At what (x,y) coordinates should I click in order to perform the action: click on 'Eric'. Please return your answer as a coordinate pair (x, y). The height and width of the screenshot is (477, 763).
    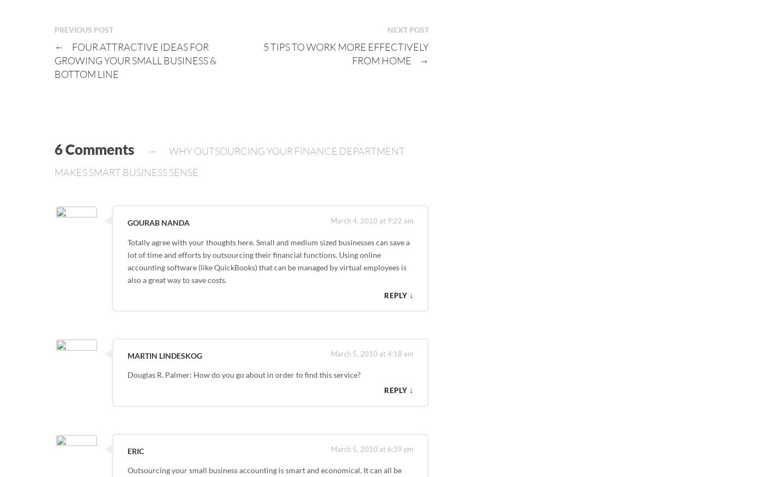
    Looking at the image, I should click on (135, 450).